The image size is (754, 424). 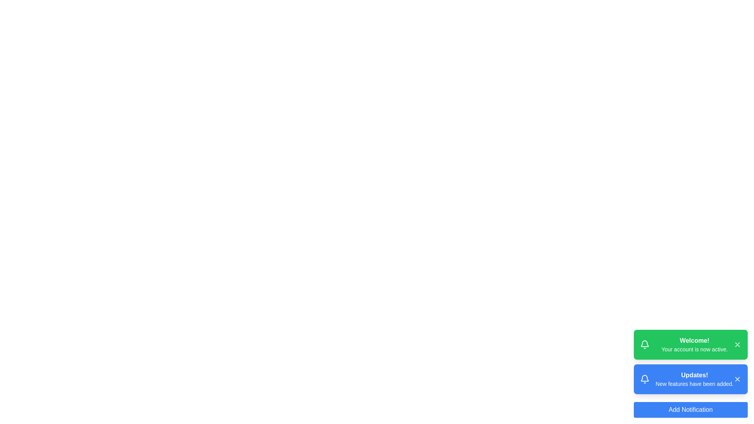 I want to click on the 'Add Notification' button to add a new notification, so click(x=690, y=409).